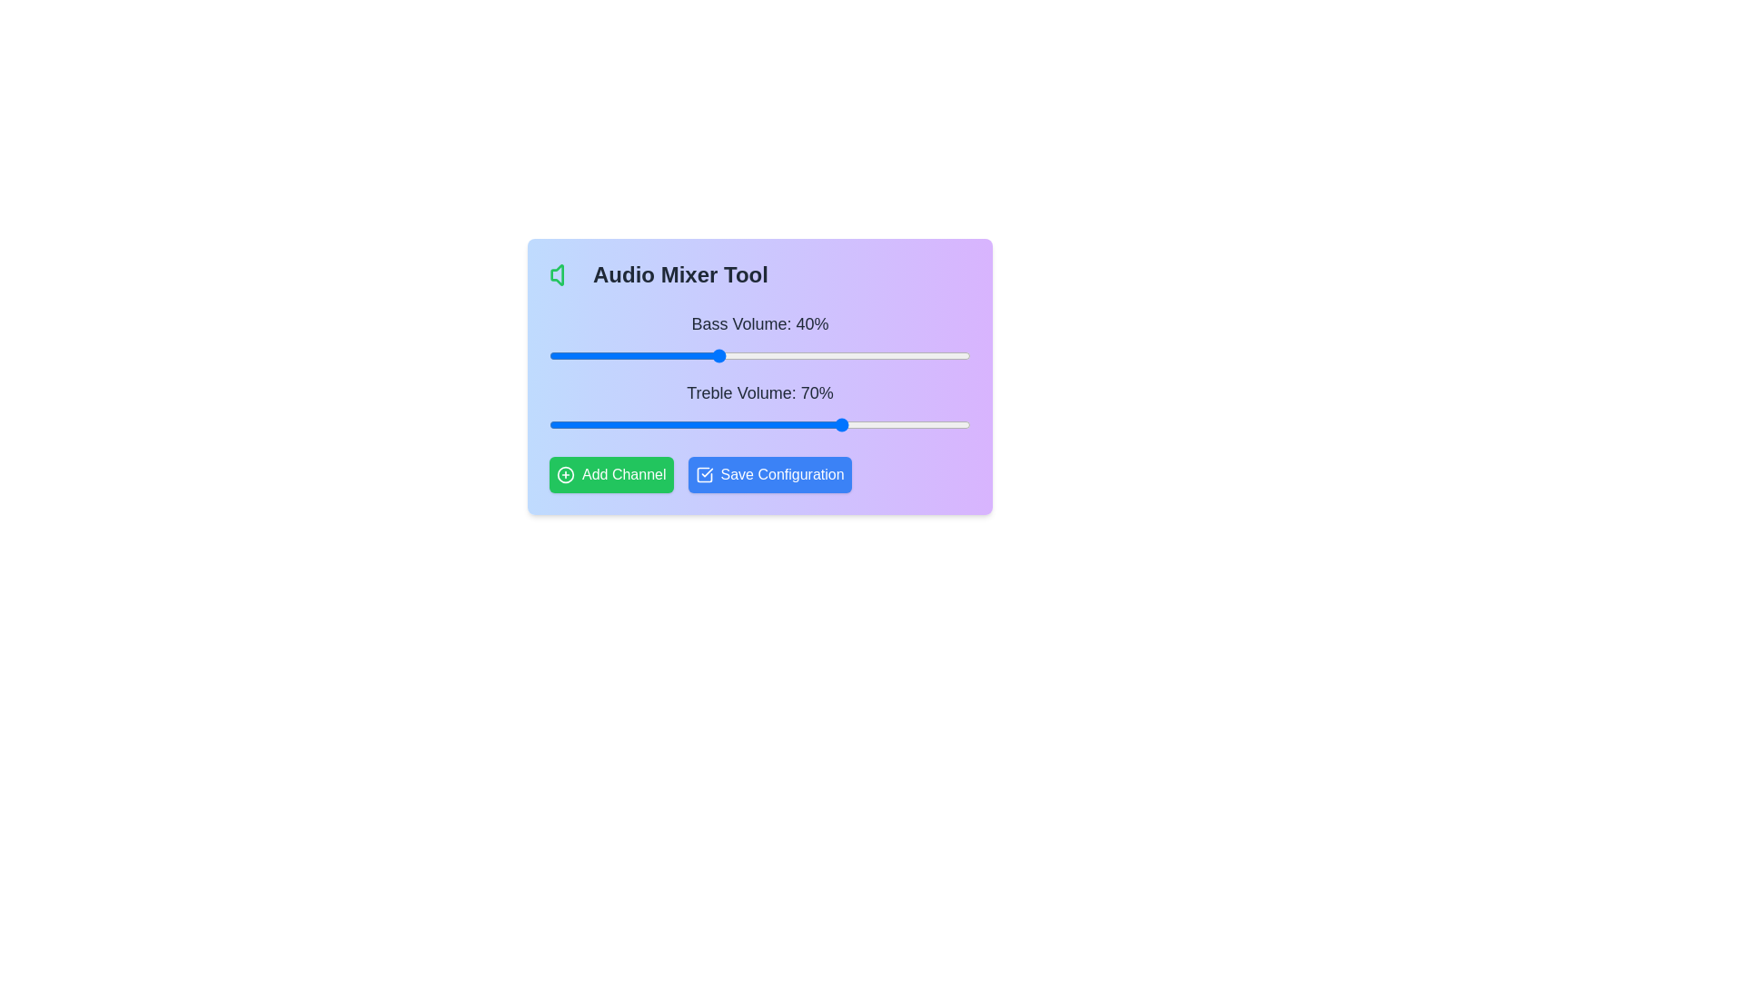 This screenshot has height=981, width=1744. Describe the element at coordinates (759, 372) in the screenshot. I see `and drag the bass volume slider labeled 'Bass Volume: 40%' to adjust its value` at that location.